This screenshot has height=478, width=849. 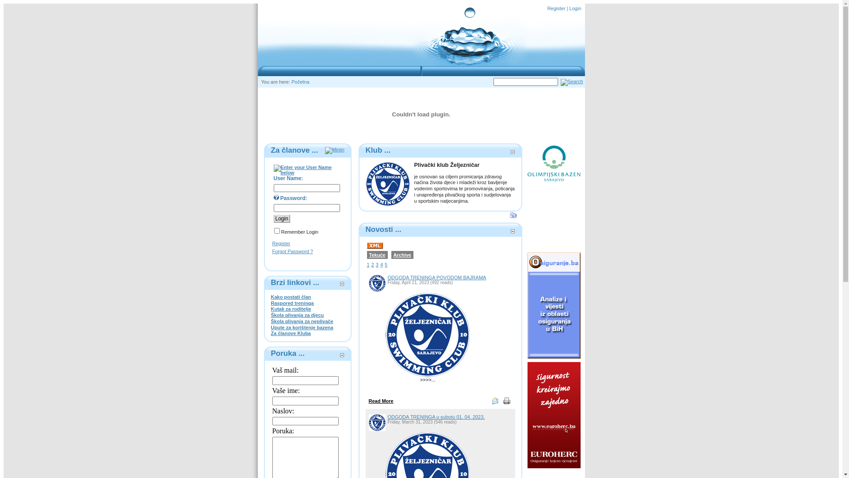 What do you see at coordinates (368, 264) in the screenshot?
I see `'1'` at bounding box center [368, 264].